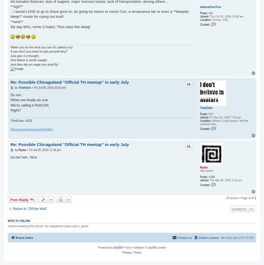 This screenshot has height=265, width=264. Describe the element at coordinates (39, 51) in the screenshot. I see `'If you don't you need to ask yourself why?'` at that location.